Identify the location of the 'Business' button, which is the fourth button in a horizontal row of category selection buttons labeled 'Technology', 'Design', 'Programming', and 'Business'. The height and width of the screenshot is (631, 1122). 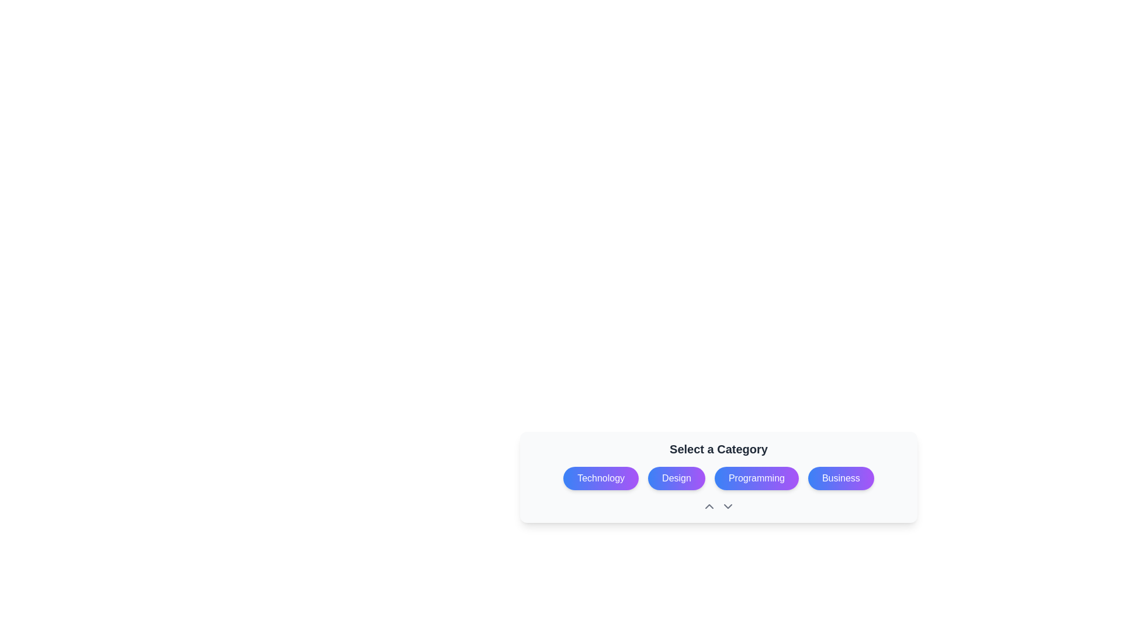
(840, 478).